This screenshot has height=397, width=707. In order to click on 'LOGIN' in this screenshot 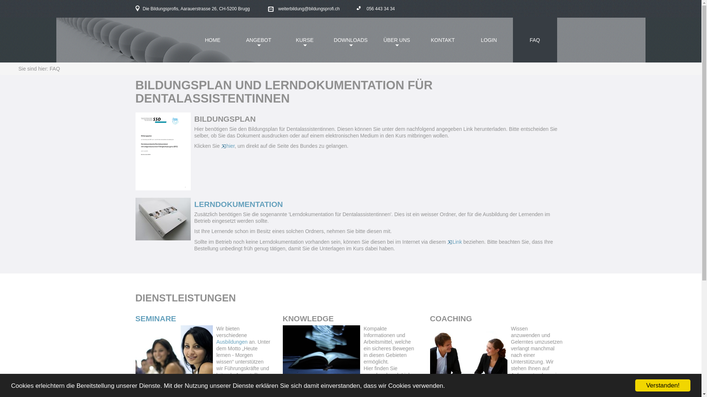, I will do `click(489, 40)`.